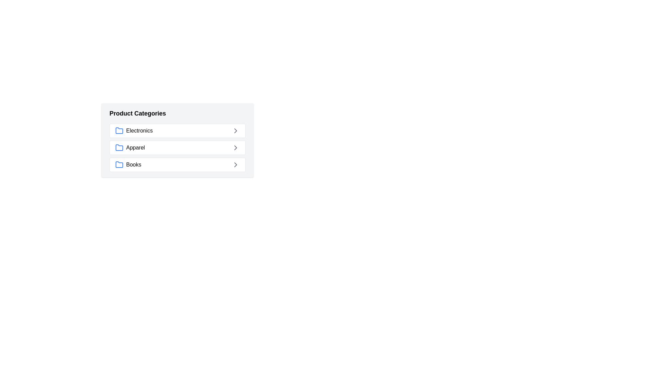 The width and height of the screenshot is (653, 367). Describe the element at coordinates (235, 147) in the screenshot. I see `the chevron-right icon at the end of the 'Apparel' row in the 'Product Categories' section for navigation` at that location.